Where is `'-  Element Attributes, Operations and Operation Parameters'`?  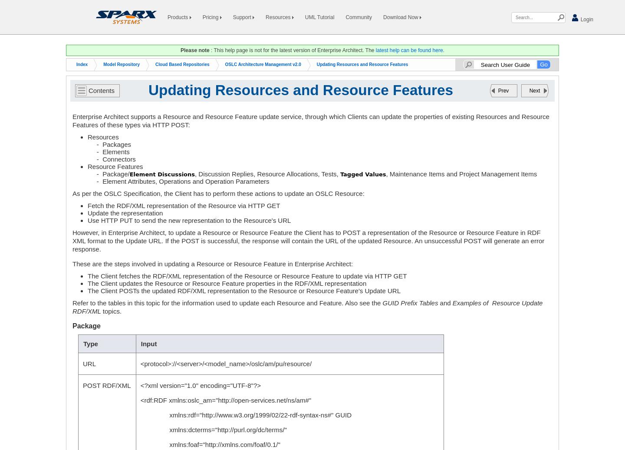
'-  Element Attributes, Operations and Operation Parameters' is located at coordinates (88, 181).